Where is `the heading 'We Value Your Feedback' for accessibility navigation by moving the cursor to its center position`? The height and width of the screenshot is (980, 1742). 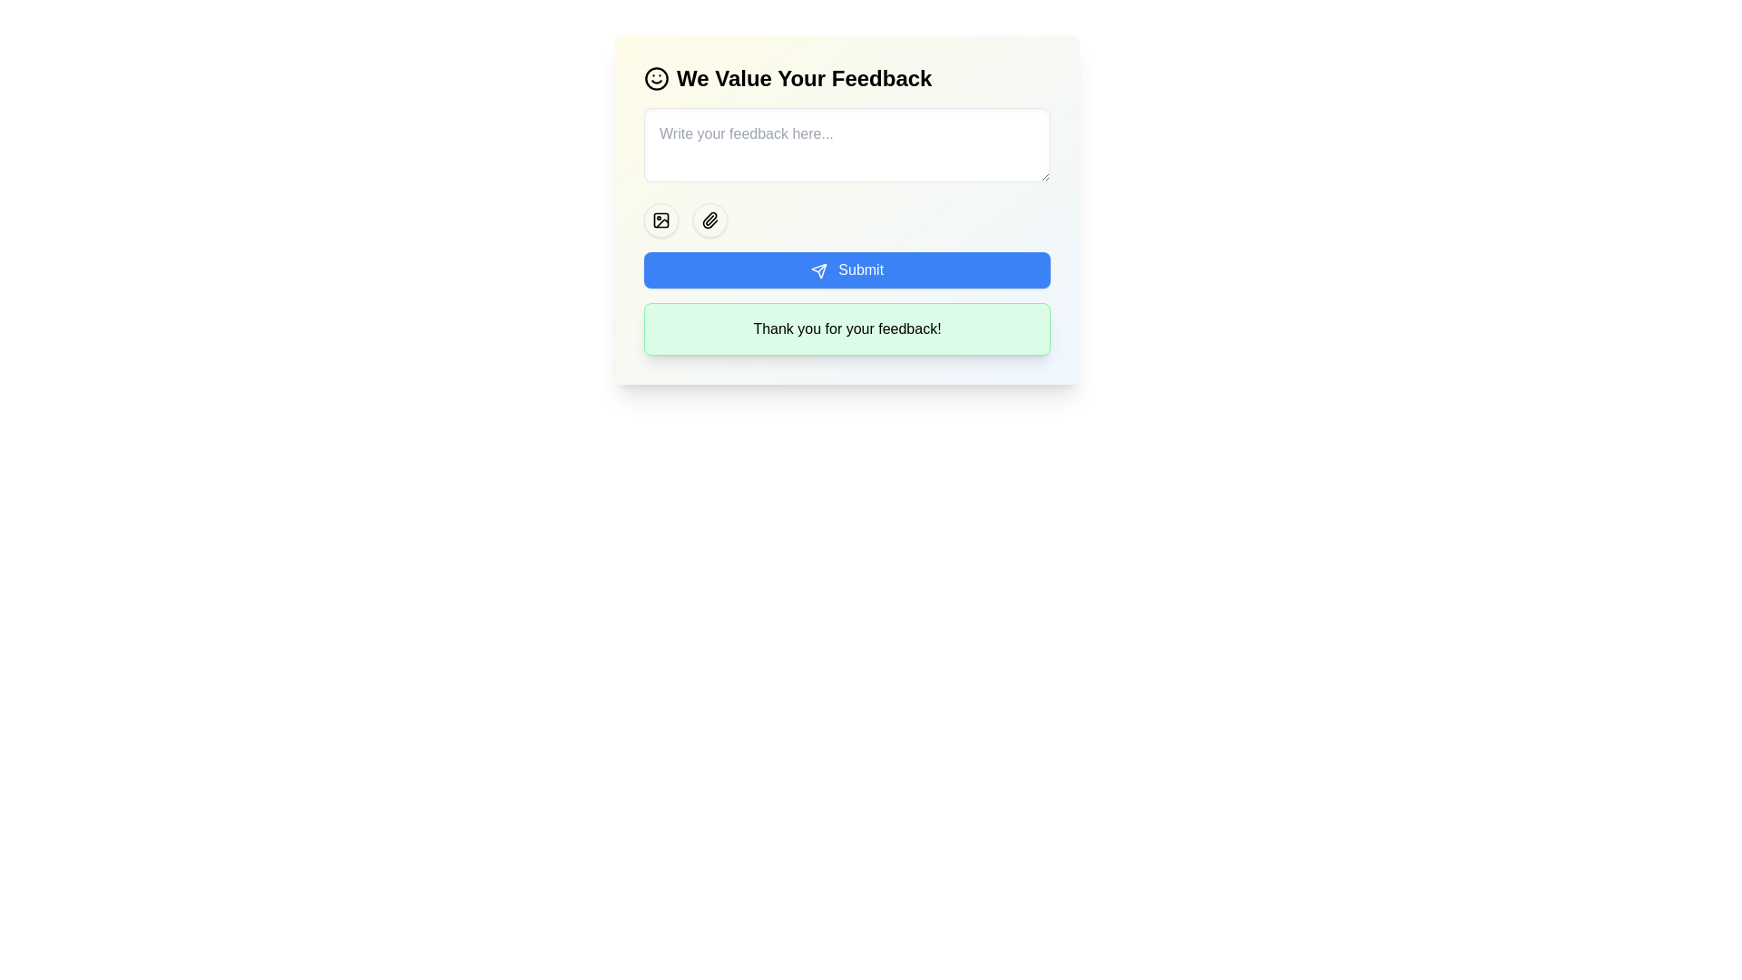 the heading 'We Value Your Feedback' for accessibility navigation by moving the cursor to its center position is located at coordinates (847, 78).